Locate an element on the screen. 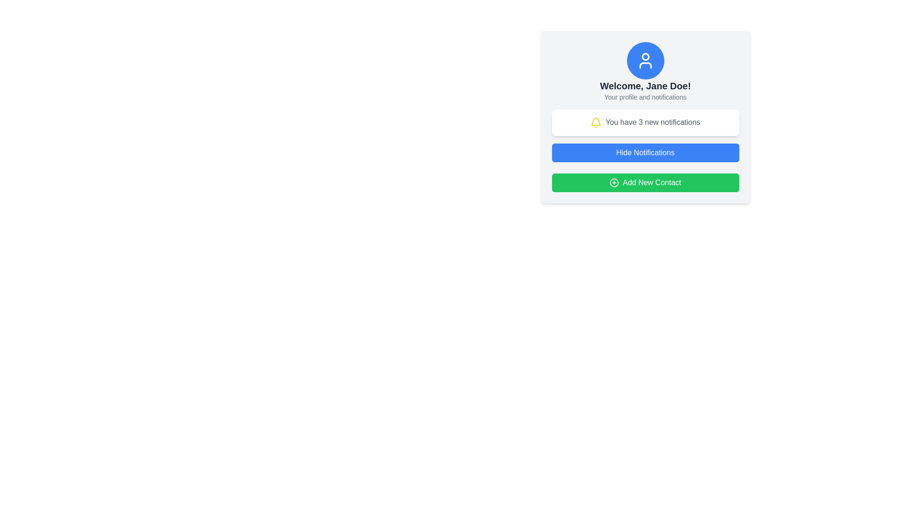  the yellow bell icon located to the left of the text 'You have 3 new notifications', which is contained within a rounded white box is located at coordinates (596, 122).